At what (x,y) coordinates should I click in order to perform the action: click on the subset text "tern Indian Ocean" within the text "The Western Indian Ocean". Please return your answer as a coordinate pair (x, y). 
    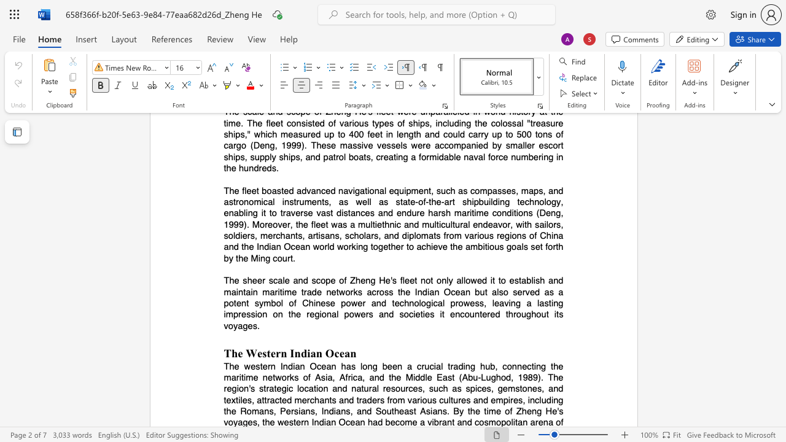
    Looking at the image, I should click on (266, 353).